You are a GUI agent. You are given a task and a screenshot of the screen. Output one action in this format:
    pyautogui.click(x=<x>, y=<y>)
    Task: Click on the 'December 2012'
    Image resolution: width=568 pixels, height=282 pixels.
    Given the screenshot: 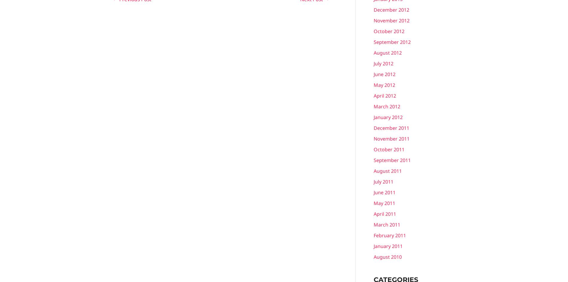 What is the action you would take?
    pyautogui.click(x=391, y=10)
    